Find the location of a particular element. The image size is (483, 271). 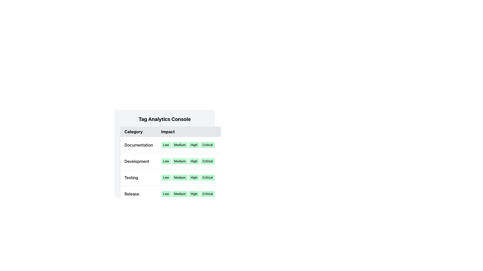

the 'Low' severity label in the 'Impact' column of the 'Tag Analytics Console' table, which is the first label in a row of four labeled 'Low', 'Medium', 'High', and 'Critical' is located at coordinates (166, 145).